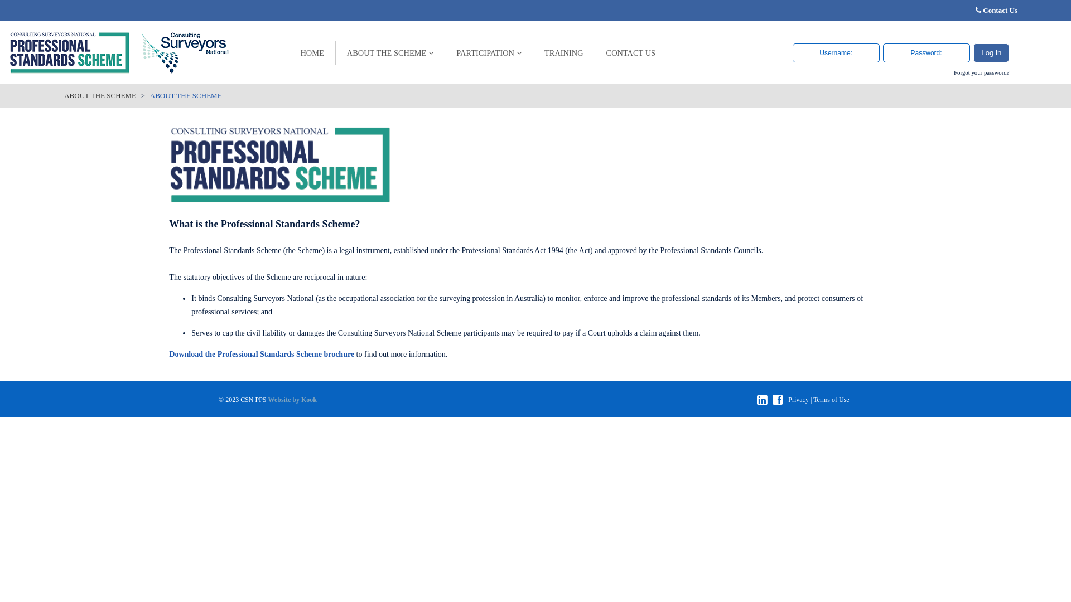 This screenshot has width=1071, height=602. What do you see at coordinates (312, 53) in the screenshot?
I see `'HOME'` at bounding box center [312, 53].